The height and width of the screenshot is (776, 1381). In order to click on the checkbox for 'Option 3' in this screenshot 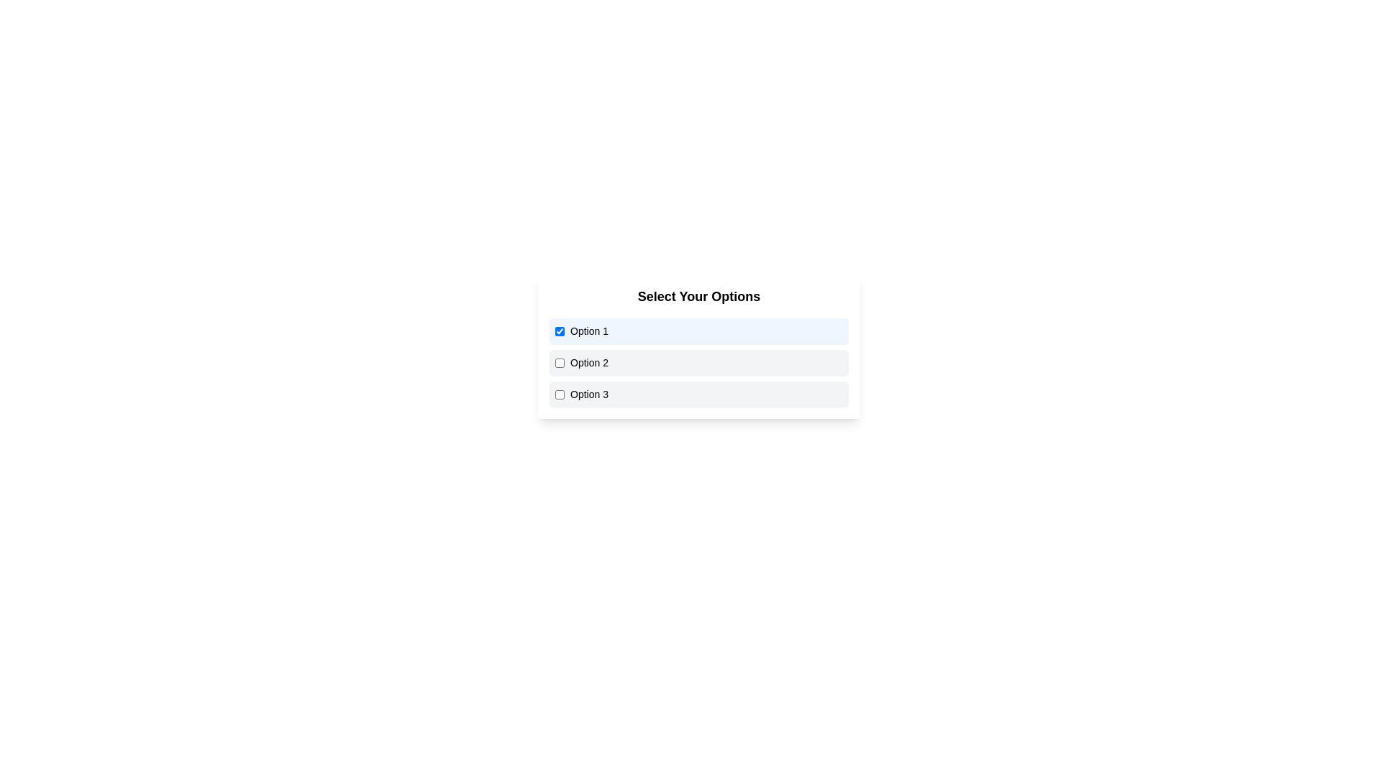, I will do `click(559, 394)`.